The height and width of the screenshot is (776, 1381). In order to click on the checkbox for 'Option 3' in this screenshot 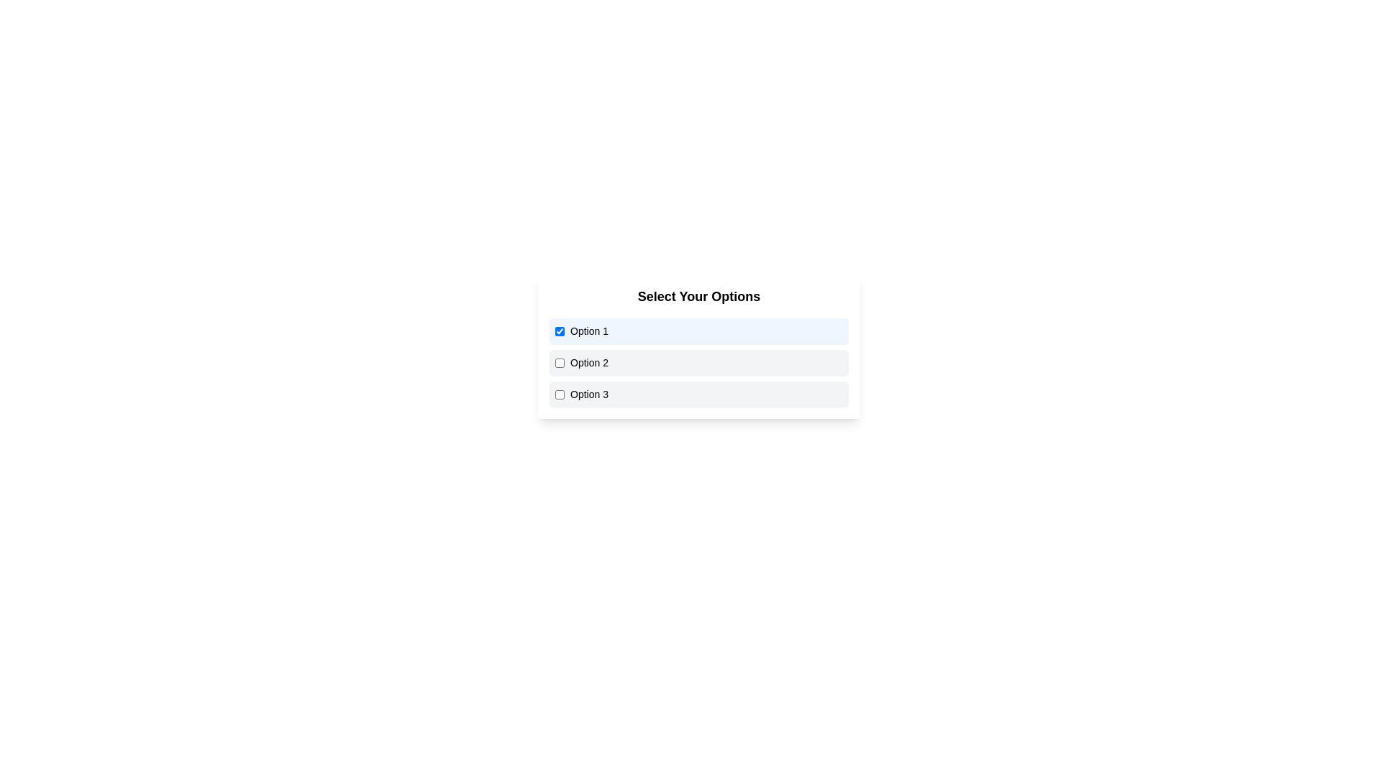, I will do `click(559, 394)`.